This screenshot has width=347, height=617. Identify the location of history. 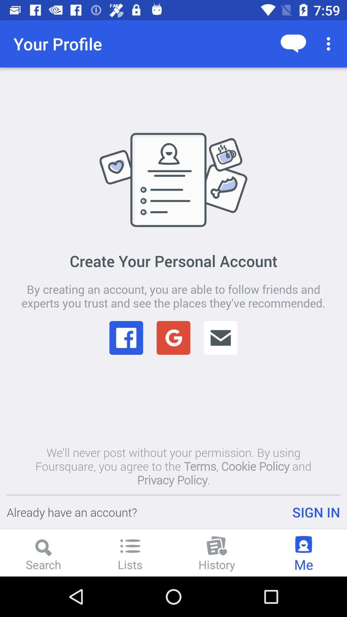
(217, 552).